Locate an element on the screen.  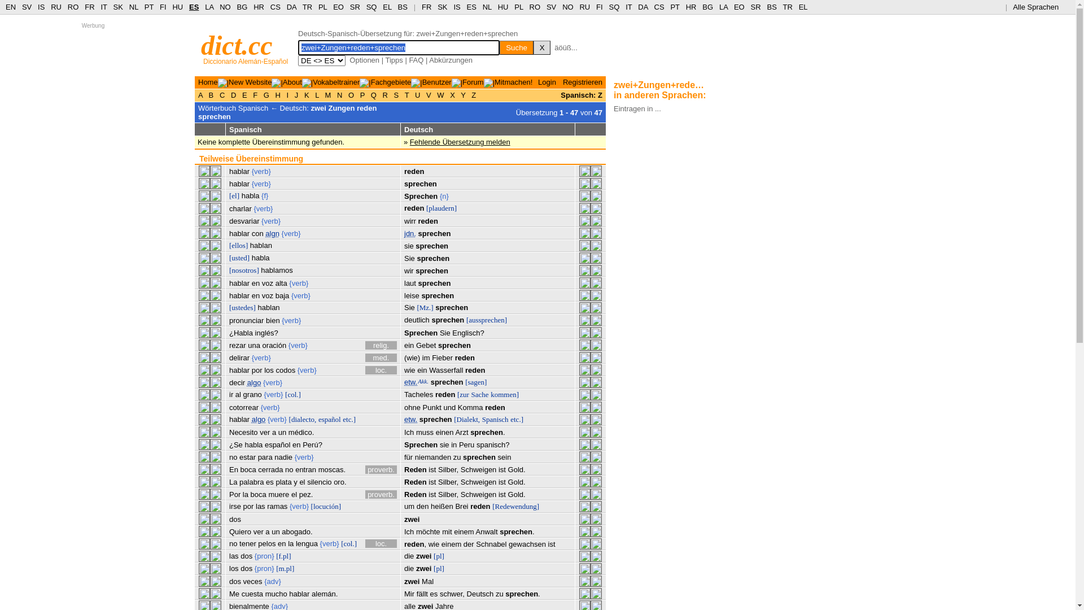
'hablar' is located at coordinates (229, 282).